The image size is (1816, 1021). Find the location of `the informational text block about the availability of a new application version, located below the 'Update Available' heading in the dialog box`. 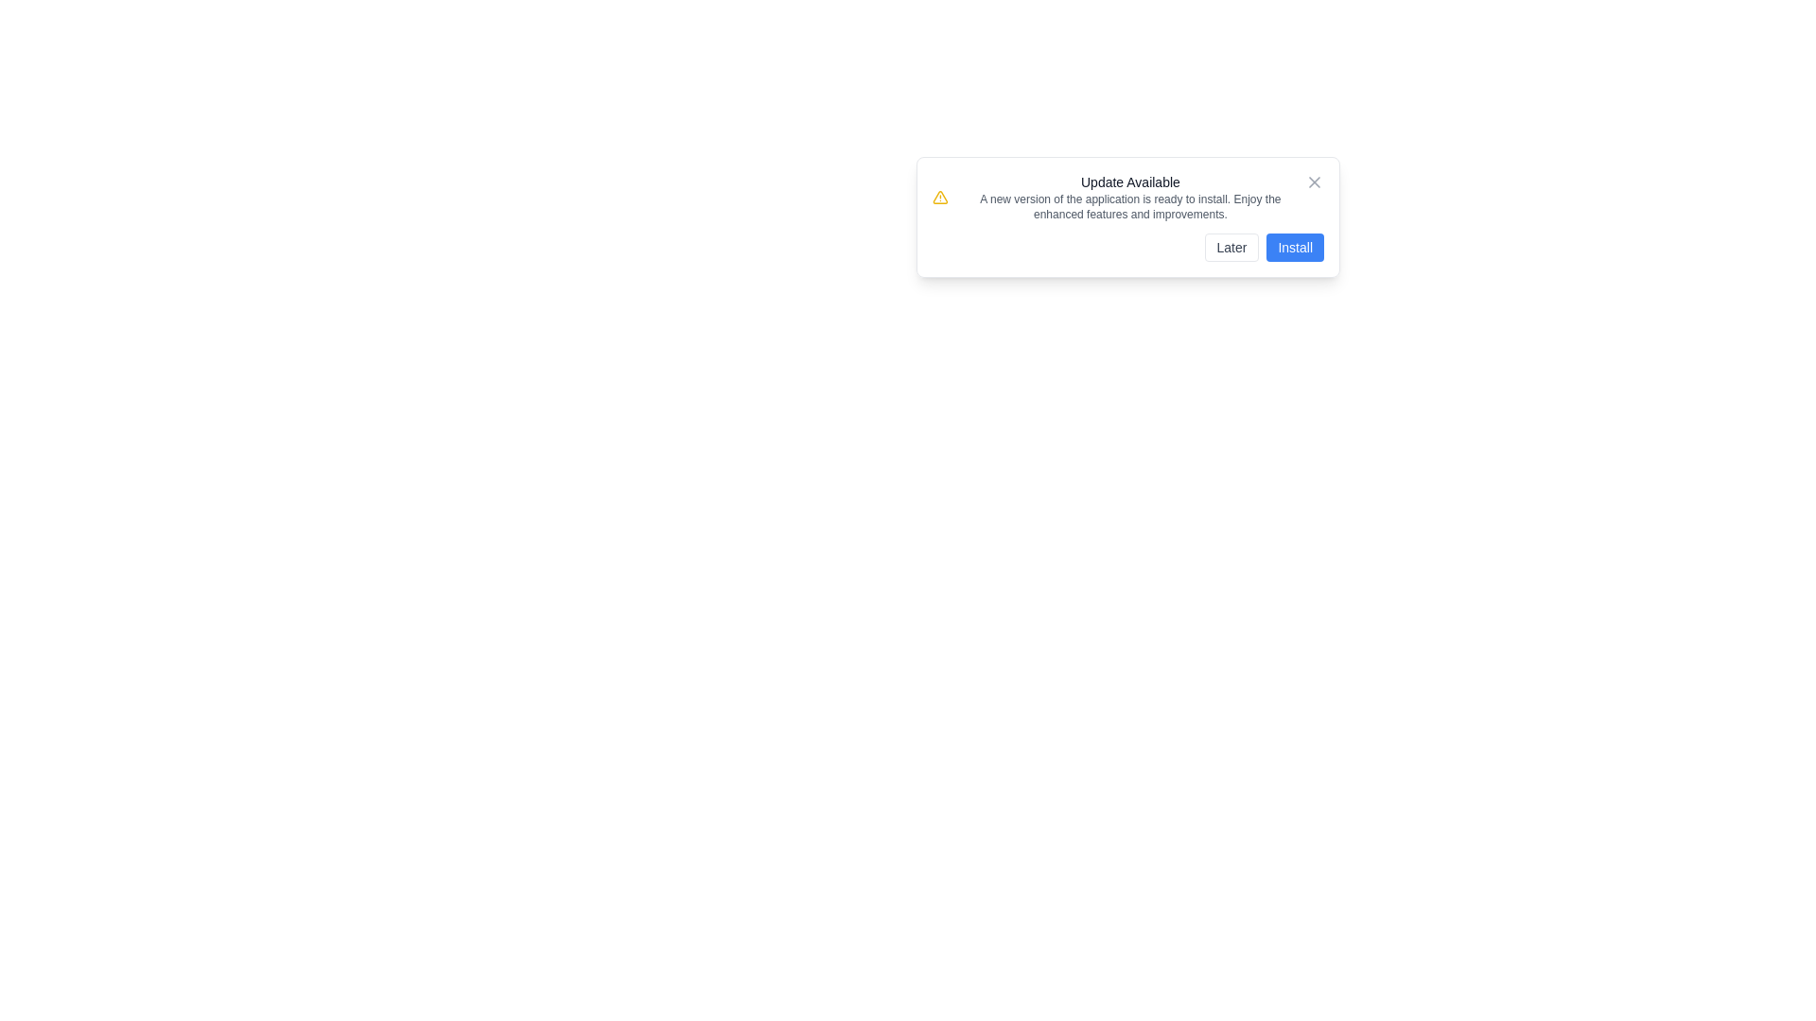

the informational text block about the availability of a new application version, located below the 'Update Available' heading in the dialog box is located at coordinates (1130, 207).